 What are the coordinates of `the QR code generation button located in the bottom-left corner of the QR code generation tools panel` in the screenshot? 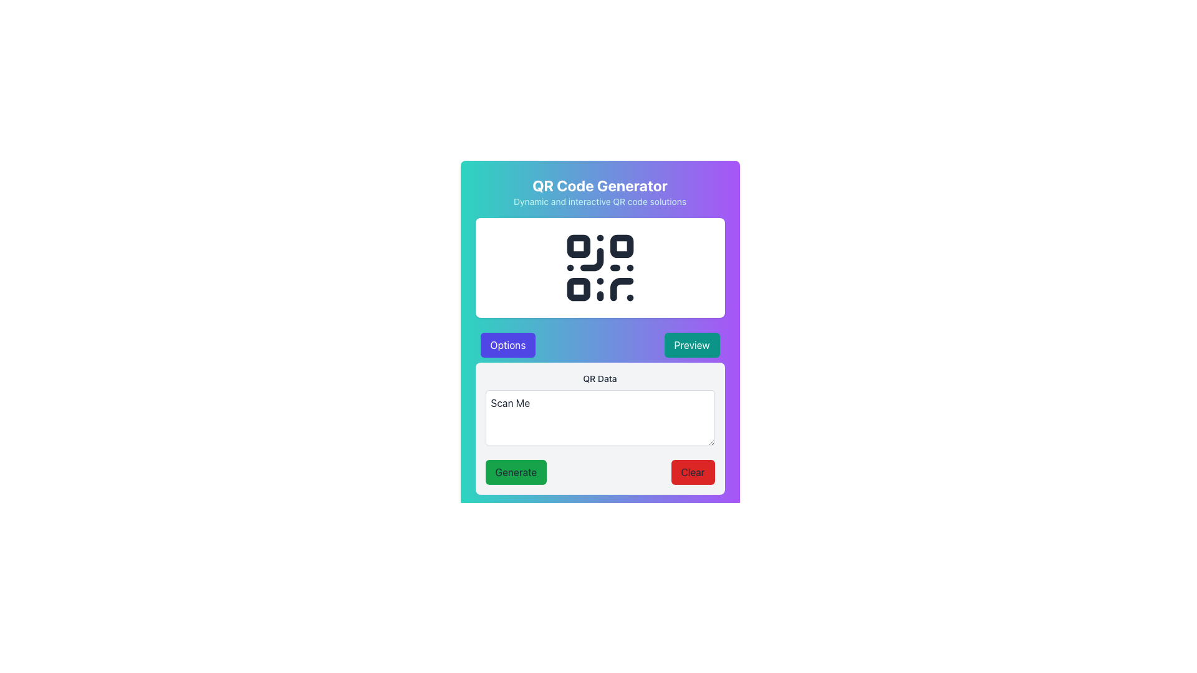 It's located at (516, 472).